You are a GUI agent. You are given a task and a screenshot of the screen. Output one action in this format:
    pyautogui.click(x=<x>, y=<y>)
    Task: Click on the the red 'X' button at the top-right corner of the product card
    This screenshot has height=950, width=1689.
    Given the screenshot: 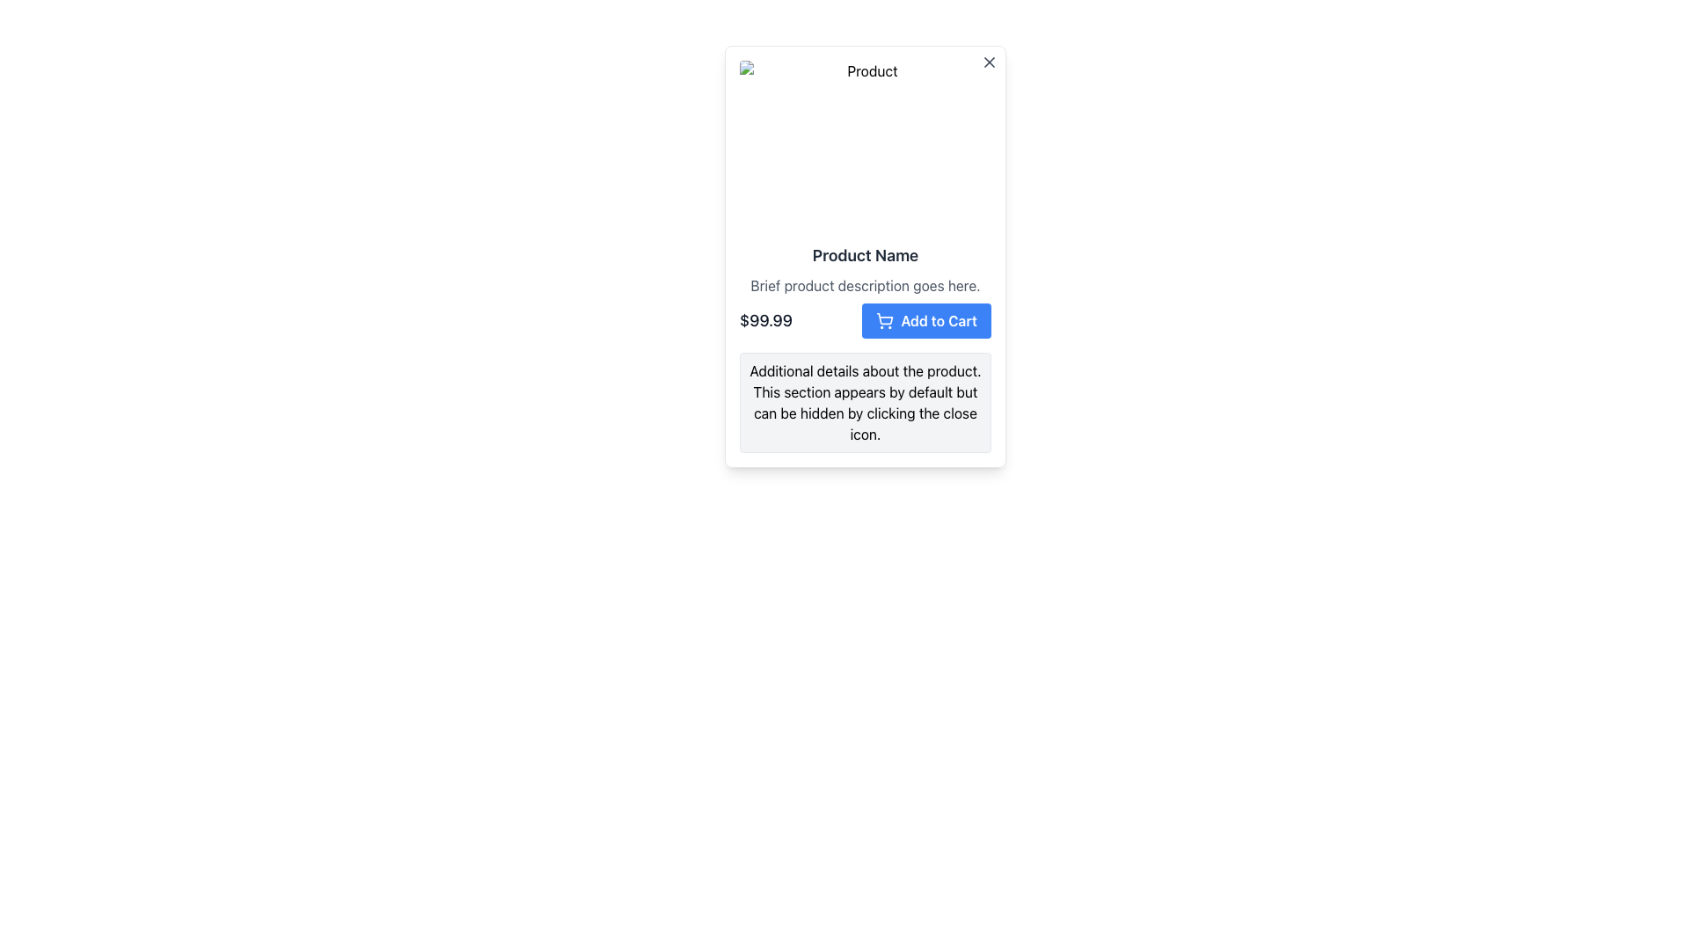 What is the action you would take?
    pyautogui.click(x=989, y=63)
    